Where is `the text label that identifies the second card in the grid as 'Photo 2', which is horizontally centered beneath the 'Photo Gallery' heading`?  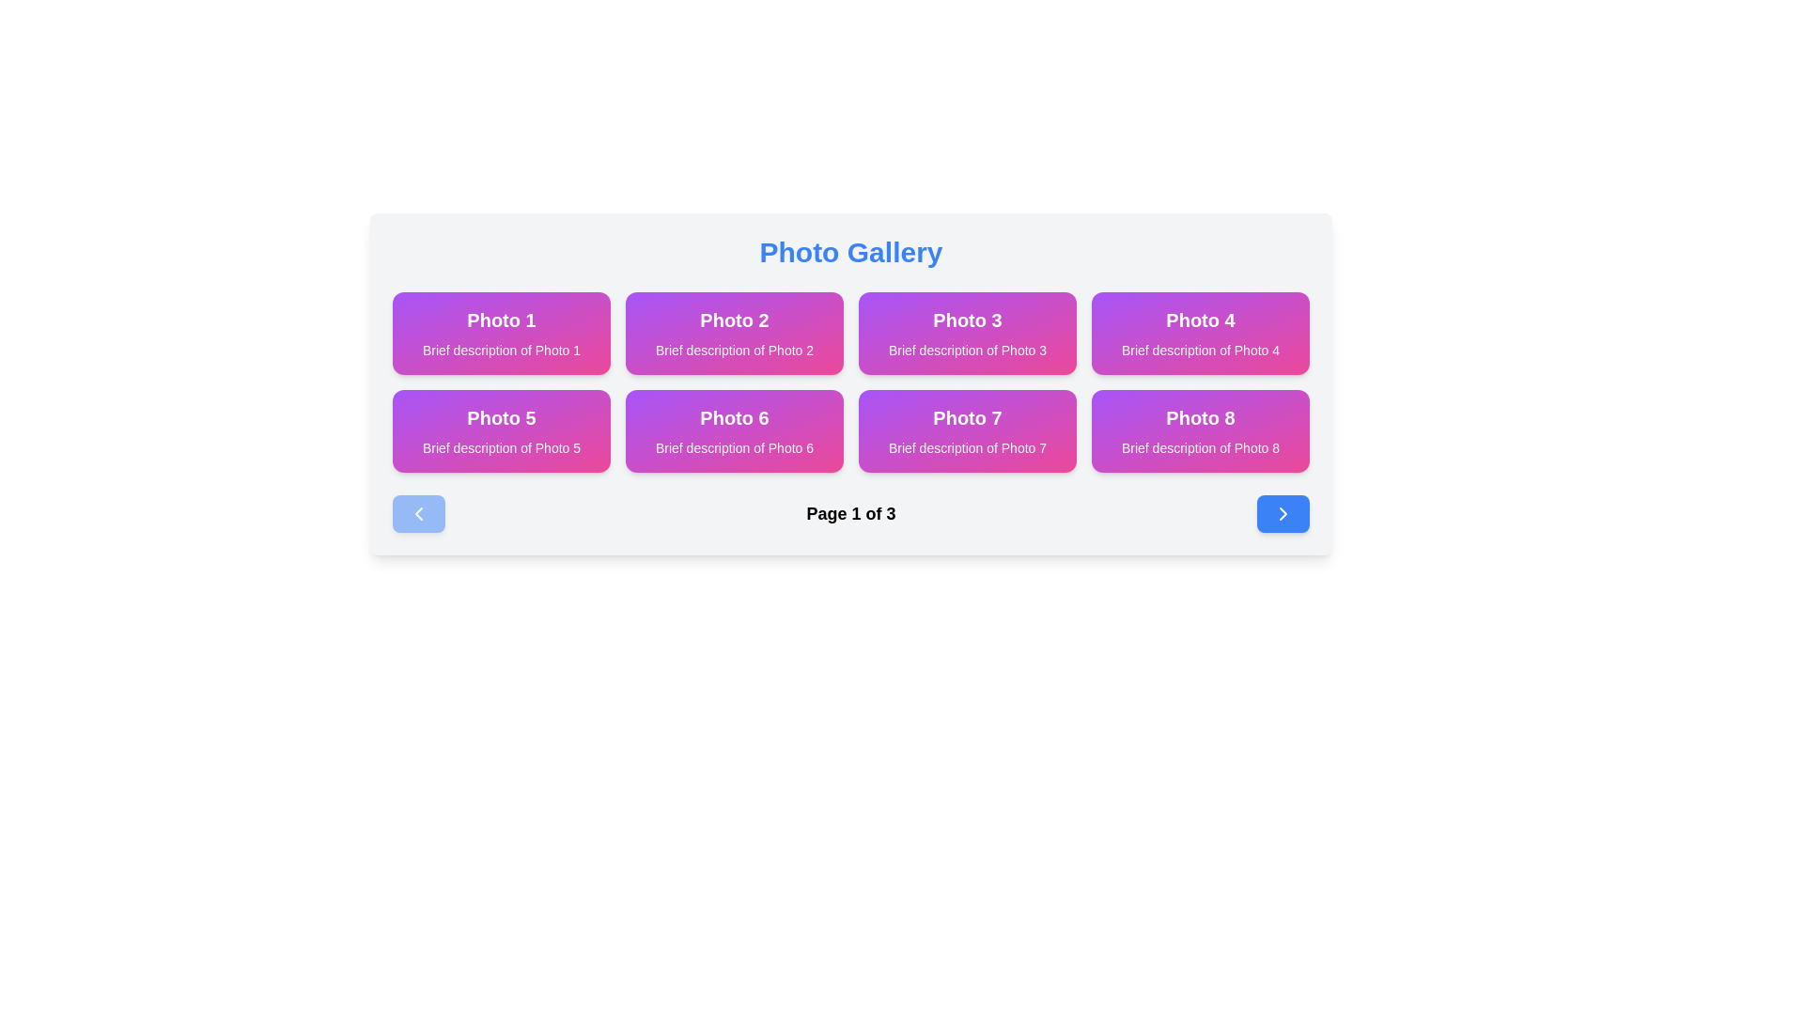
the text label that identifies the second card in the grid as 'Photo 2', which is horizontally centered beneath the 'Photo Gallery' heading is located at coordinates (734, 319).